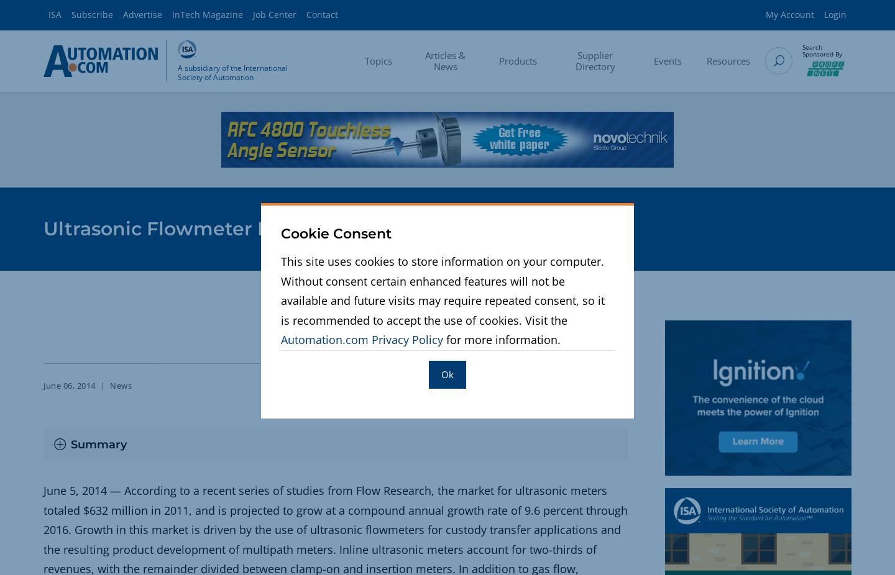  Describe the element at coordinates (70, 443) in the screenshot. I see `'Summary'` at that location.